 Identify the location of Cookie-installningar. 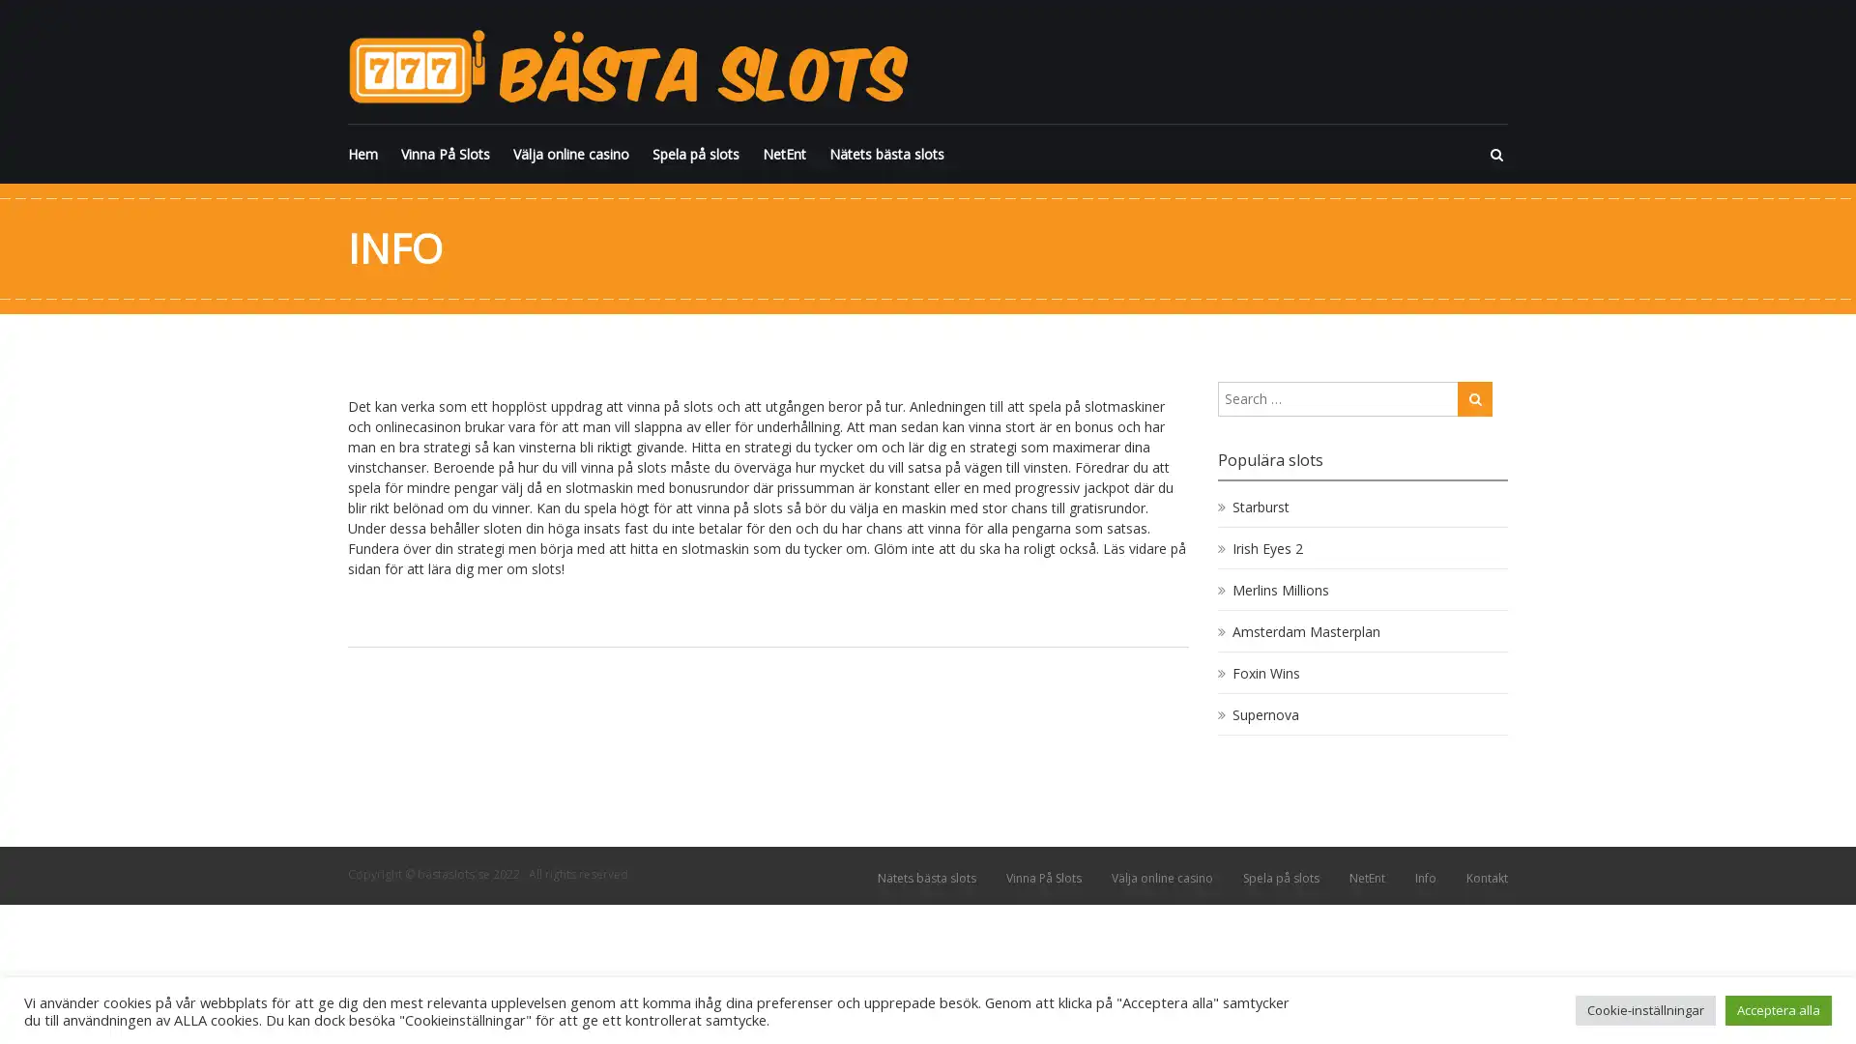
(1644, 1009).